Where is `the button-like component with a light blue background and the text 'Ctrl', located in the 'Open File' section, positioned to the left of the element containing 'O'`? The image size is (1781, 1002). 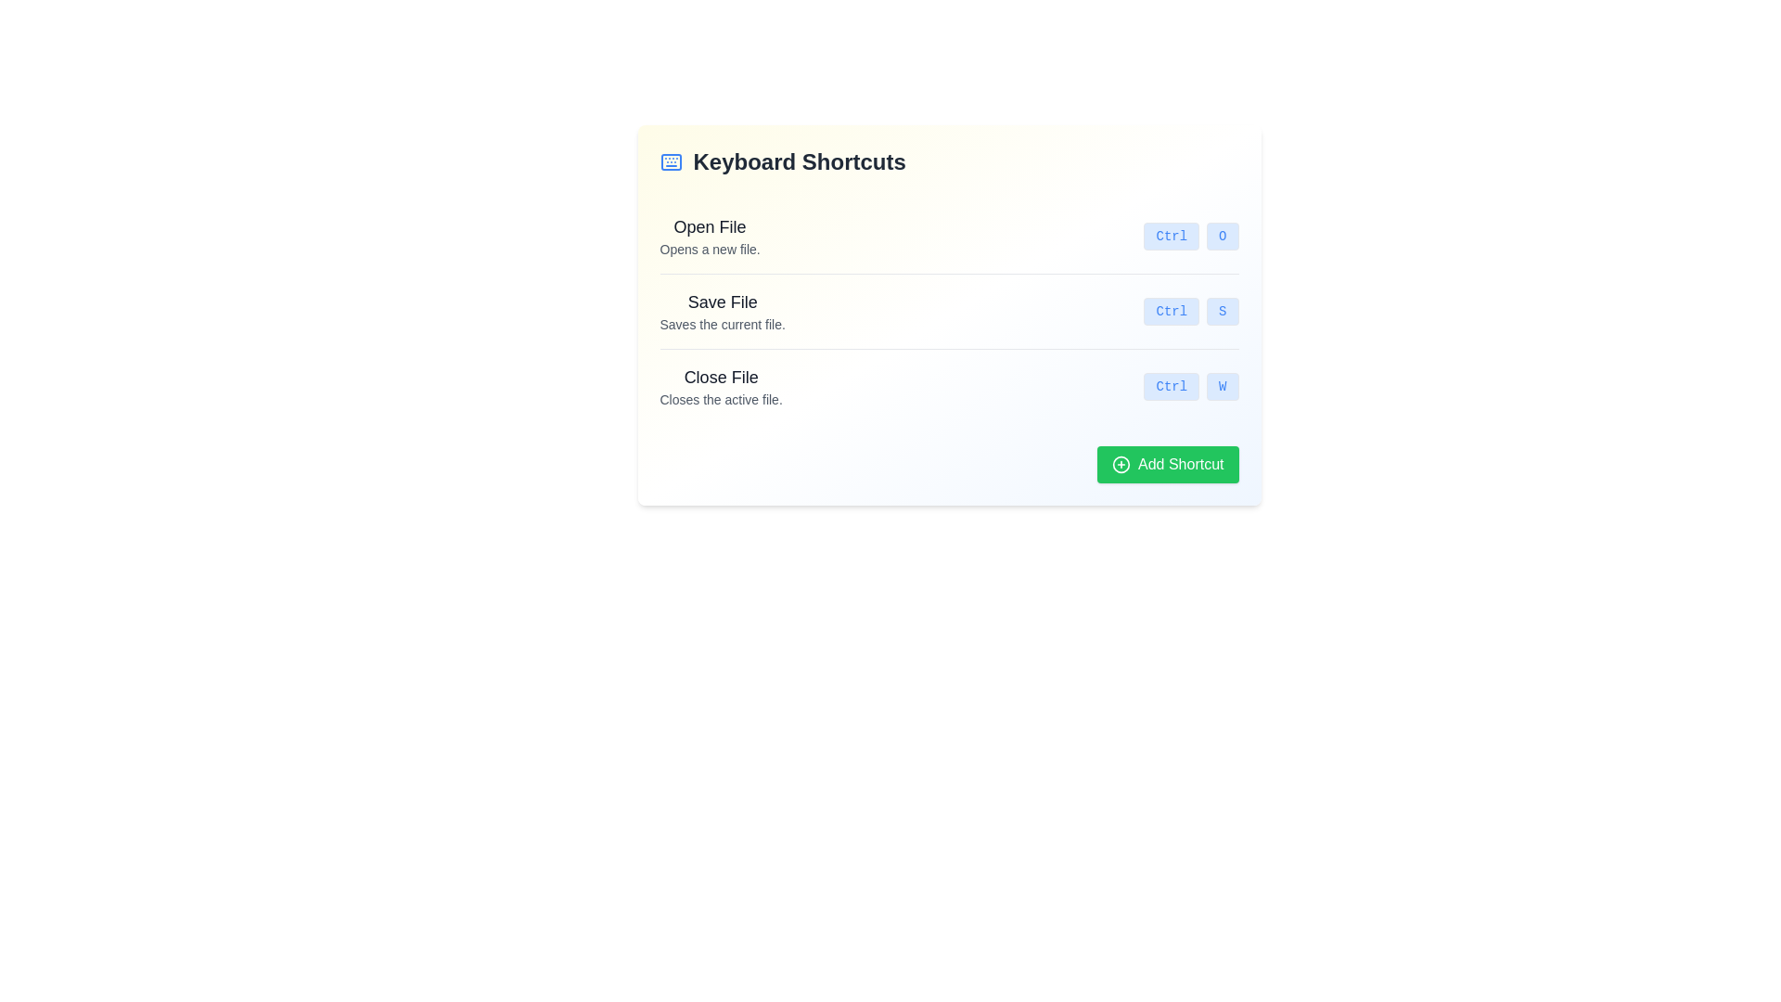 the button-like component with a light blue background and the text 'Ctrl', located in the 'Open File' section, positioned to the left of the element containing 'O' is located at coordinates (1171, 235).